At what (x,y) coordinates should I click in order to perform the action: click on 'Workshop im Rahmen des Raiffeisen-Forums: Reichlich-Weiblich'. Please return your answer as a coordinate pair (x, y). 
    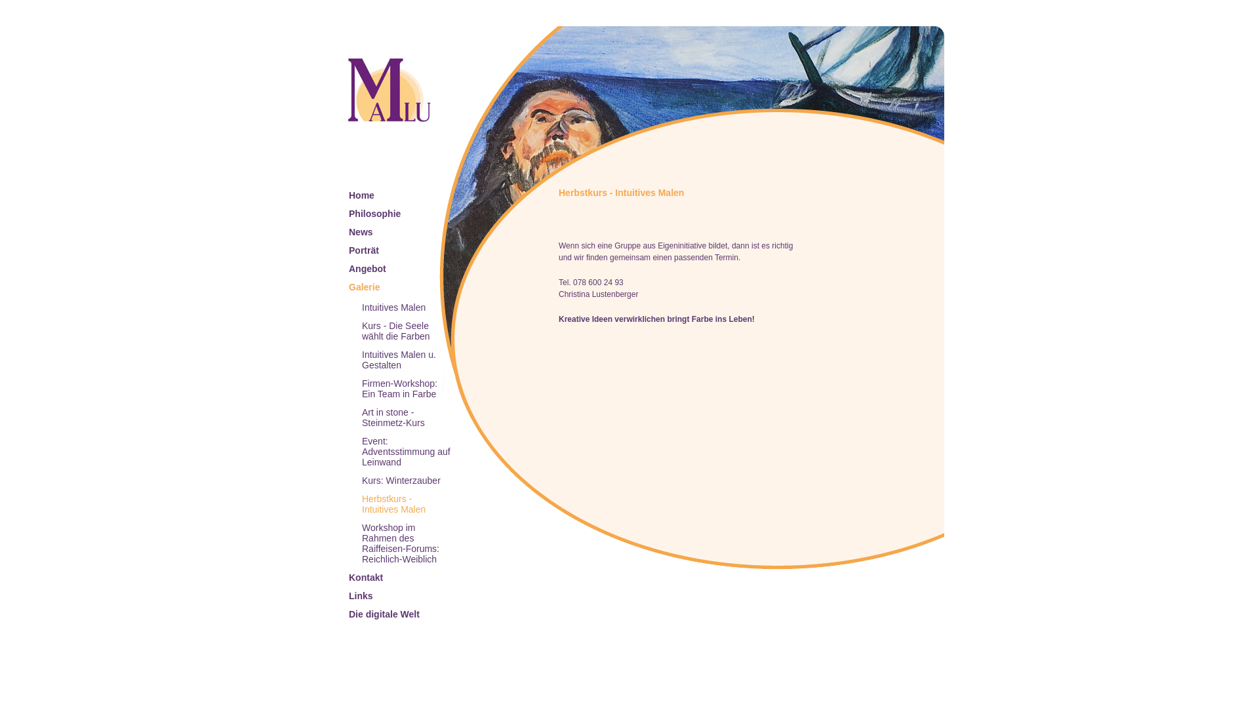
    Looking at the image, I should click on (399, 543).